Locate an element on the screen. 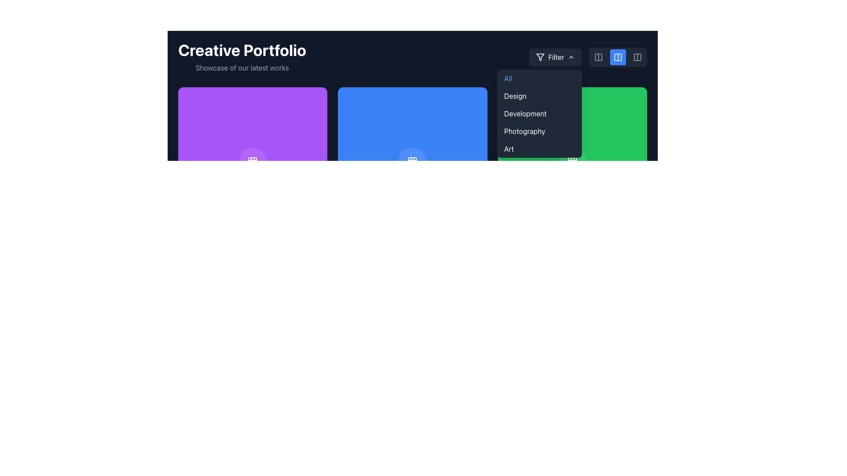  the circular icon that toggles the grid layout view is located at coordinates (252, 162).